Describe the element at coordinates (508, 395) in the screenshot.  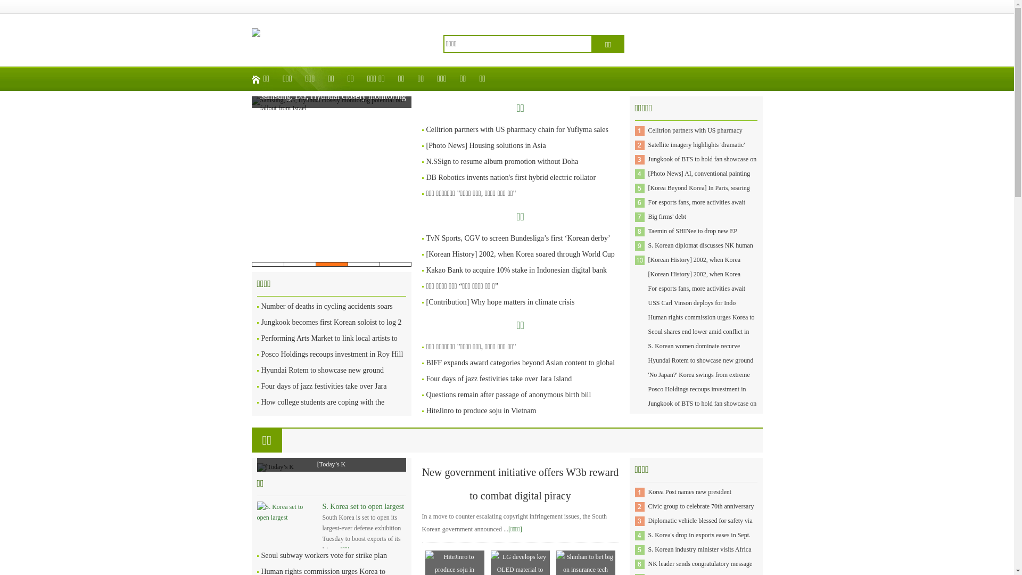
I see `'Questions remain after passage of anonymous birth bill'` at that location.